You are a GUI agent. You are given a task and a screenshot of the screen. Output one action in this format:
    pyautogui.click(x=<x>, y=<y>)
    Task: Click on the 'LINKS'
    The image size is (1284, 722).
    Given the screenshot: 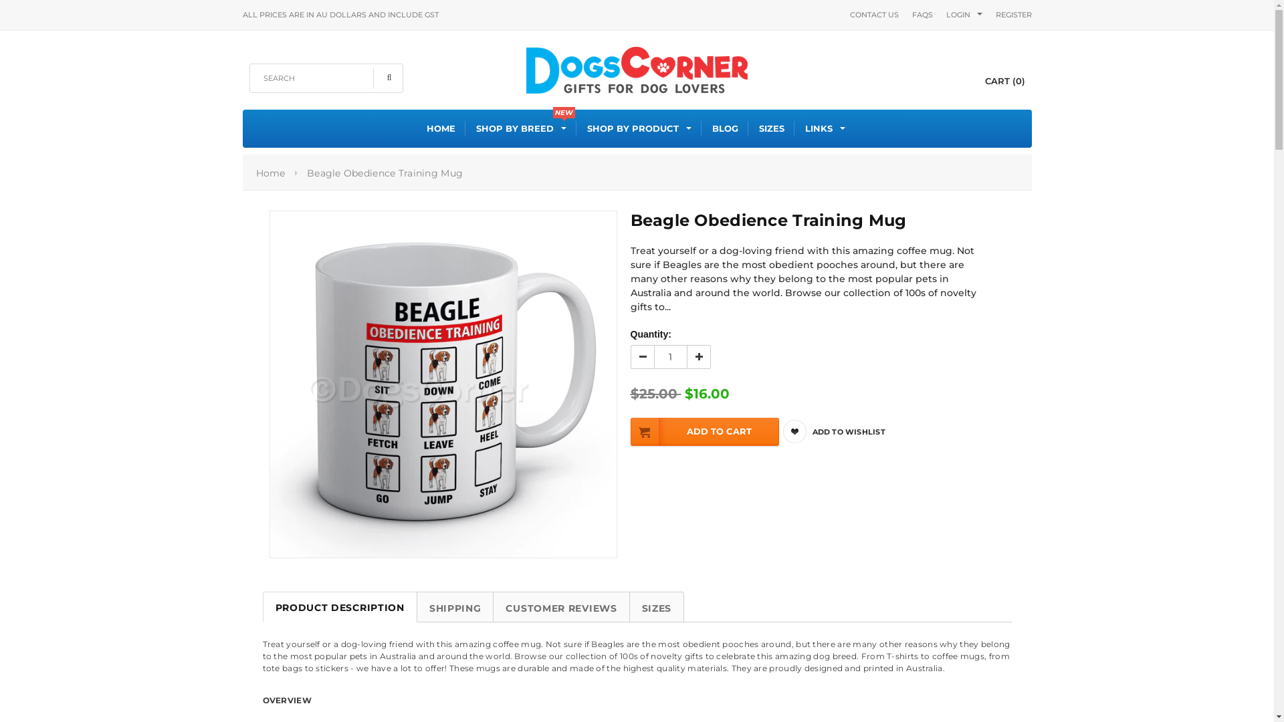 What is the action you would take?
    pyautogui.click(x=824, y=128)
    